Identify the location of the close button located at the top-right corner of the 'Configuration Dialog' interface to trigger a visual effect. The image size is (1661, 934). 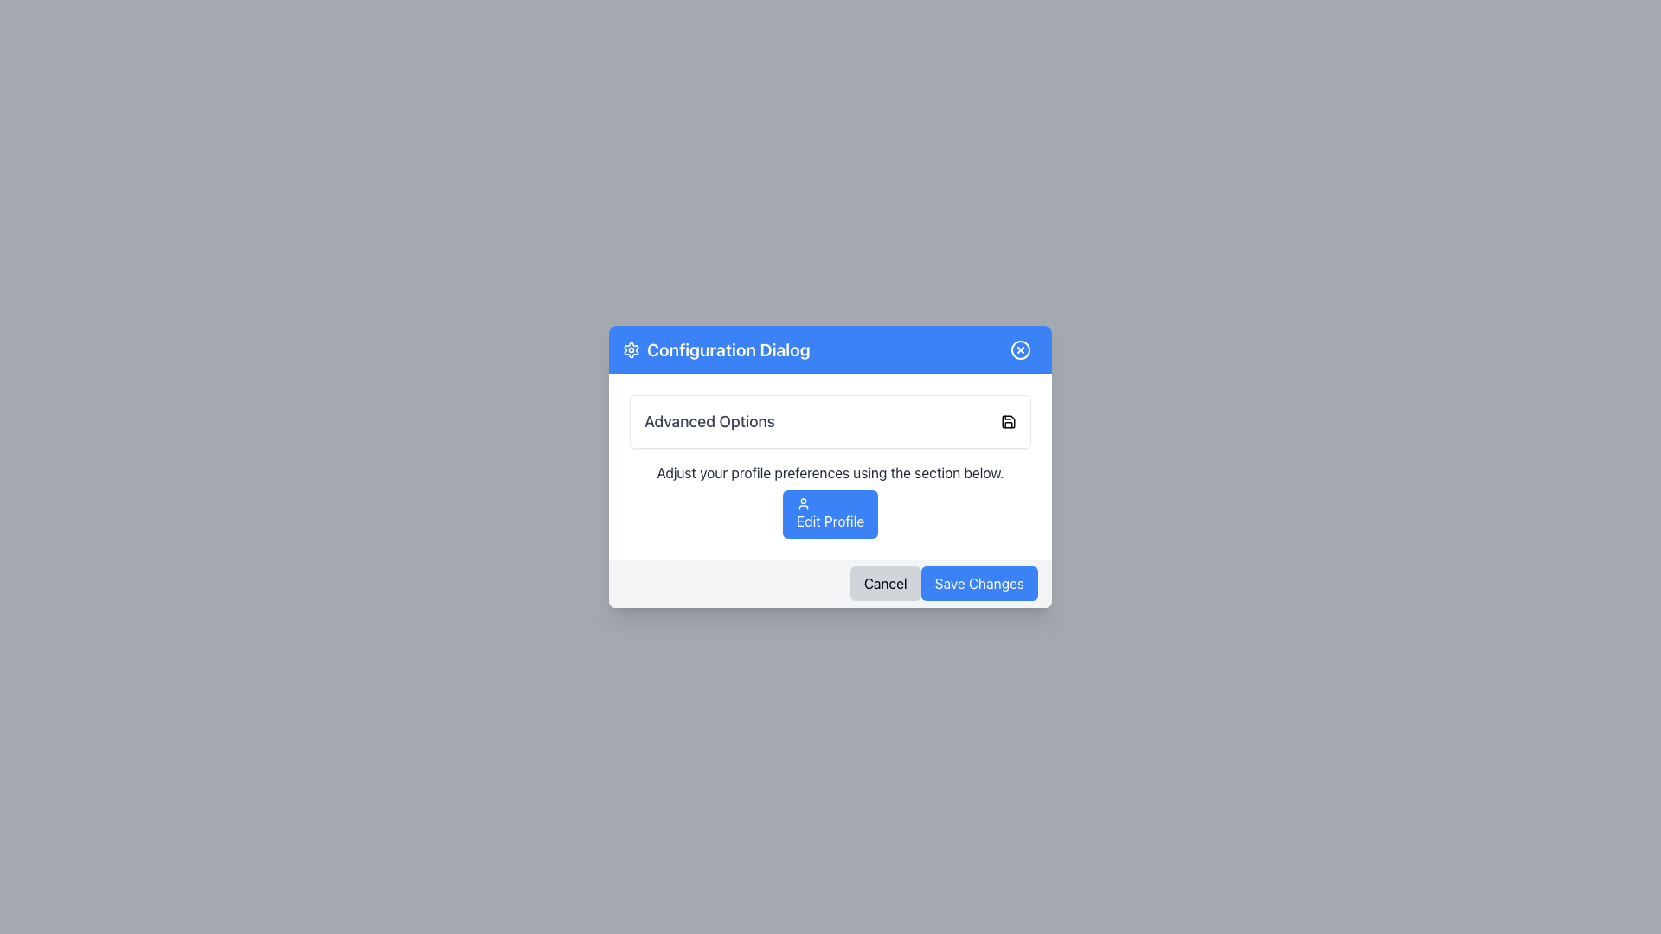
(1021, 350).